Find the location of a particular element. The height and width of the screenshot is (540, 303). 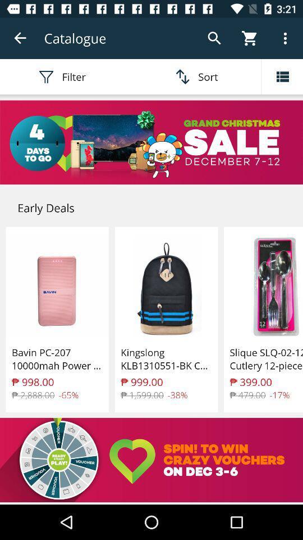

icon above the filter icon is located at coordinates (20, 38).